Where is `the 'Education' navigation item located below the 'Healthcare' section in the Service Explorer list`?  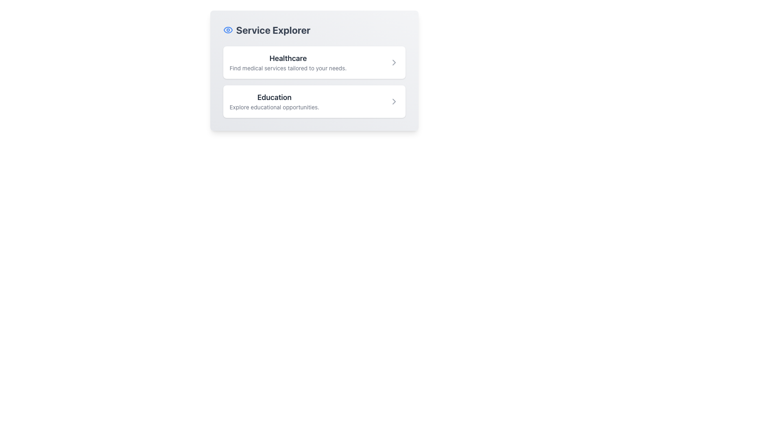 the 'Education' navigation item located below the 'Healthcare' section in the Service Explorer list is located at coordinates (314, 91).